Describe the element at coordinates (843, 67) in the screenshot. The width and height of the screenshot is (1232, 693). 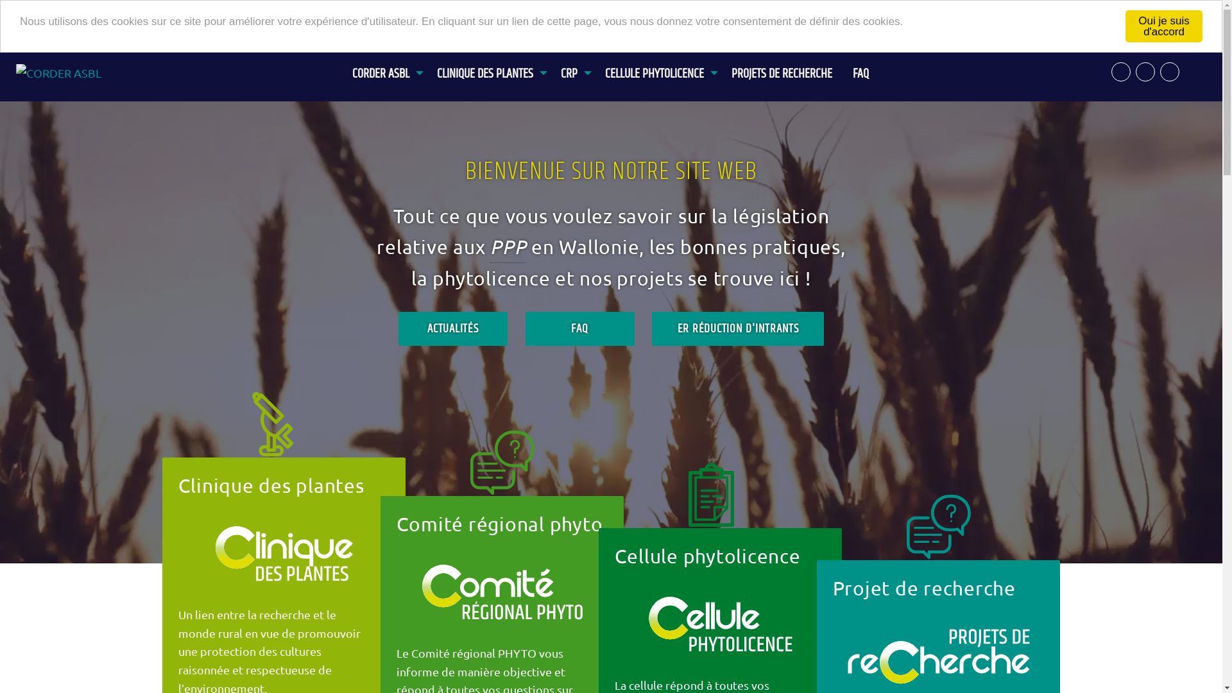
I see `'FAQ'` at that location.